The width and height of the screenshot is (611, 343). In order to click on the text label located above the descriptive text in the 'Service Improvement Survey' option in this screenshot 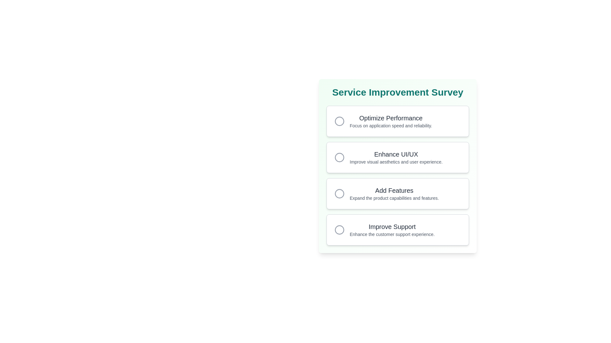, I will do `click(390, 118)`.